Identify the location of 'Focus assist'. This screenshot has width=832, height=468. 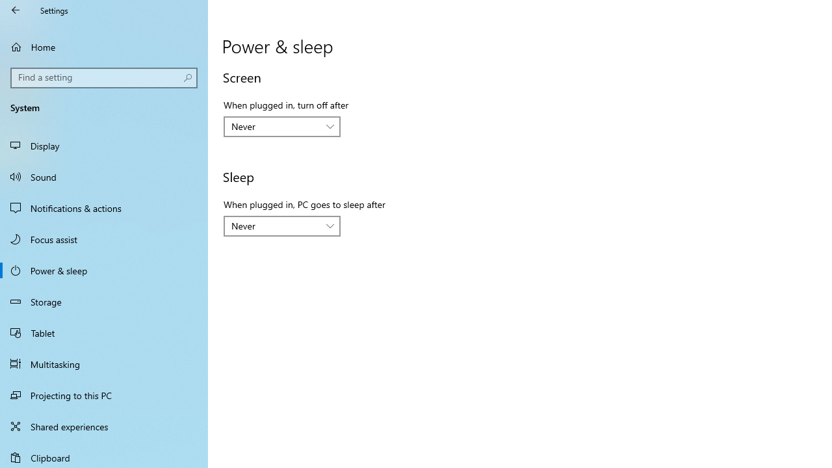
(104, 239).